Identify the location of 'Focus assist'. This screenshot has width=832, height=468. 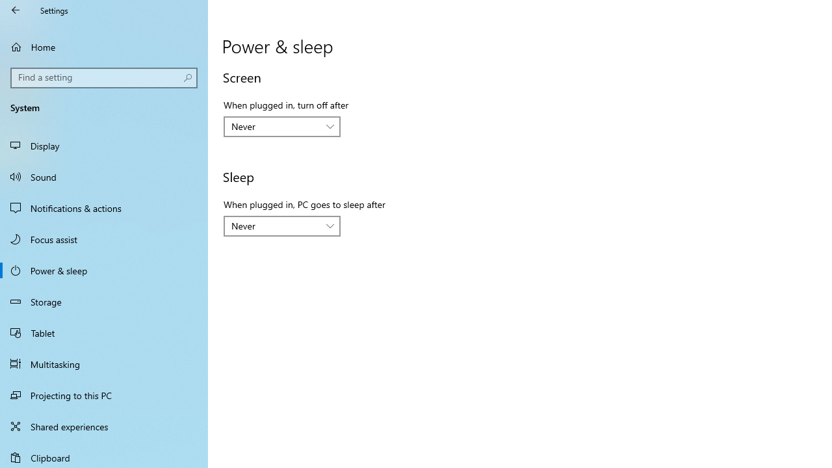
(104, 239).